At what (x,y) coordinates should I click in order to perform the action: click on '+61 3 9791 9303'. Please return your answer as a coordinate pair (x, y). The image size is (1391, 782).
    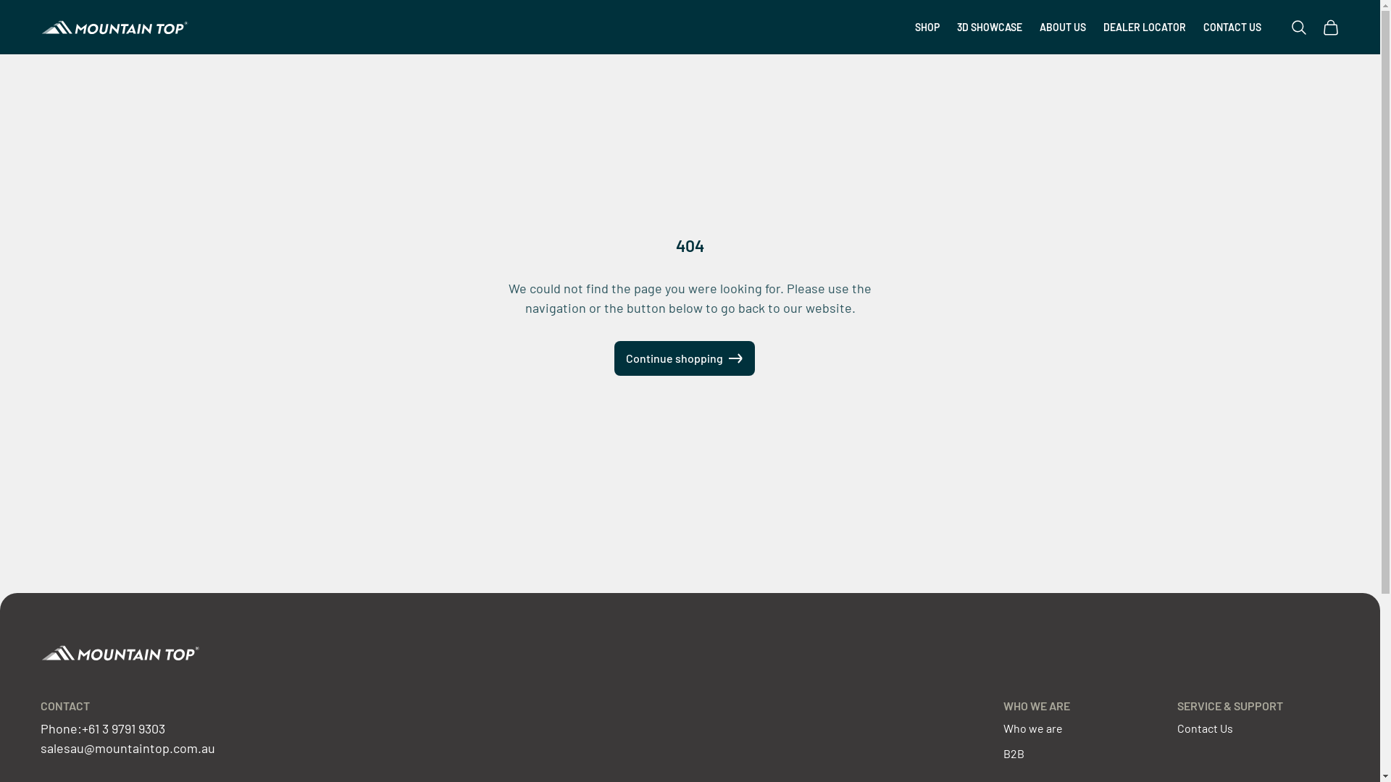
    Looking at the image, I should click on (81, 728).